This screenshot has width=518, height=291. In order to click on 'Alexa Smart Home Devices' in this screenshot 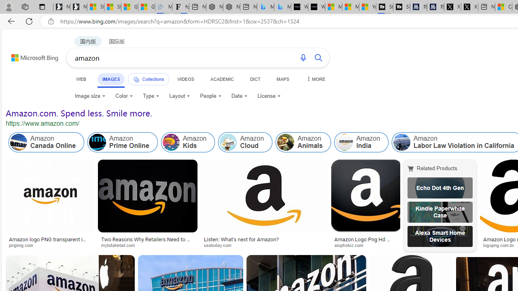, I will do `click(439, 236)`.